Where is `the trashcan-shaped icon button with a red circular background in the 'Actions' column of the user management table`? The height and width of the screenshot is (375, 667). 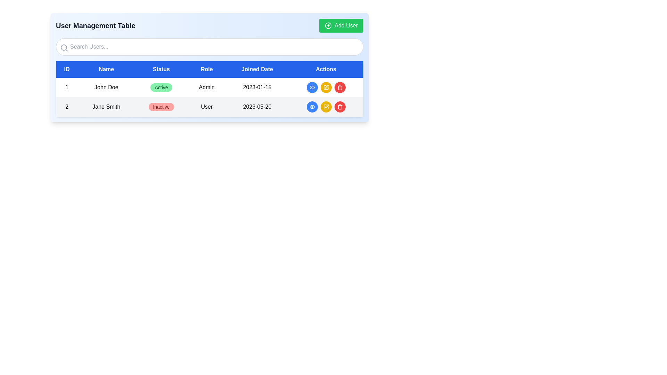
the trashcan-shaped icon button with a red circular background in the 'Actions' column of the user management table is located at coordinates (340, 107).